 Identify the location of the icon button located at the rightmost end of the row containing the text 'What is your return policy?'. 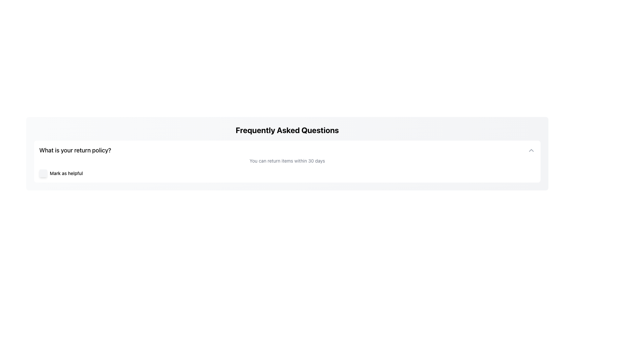
(531, 150).